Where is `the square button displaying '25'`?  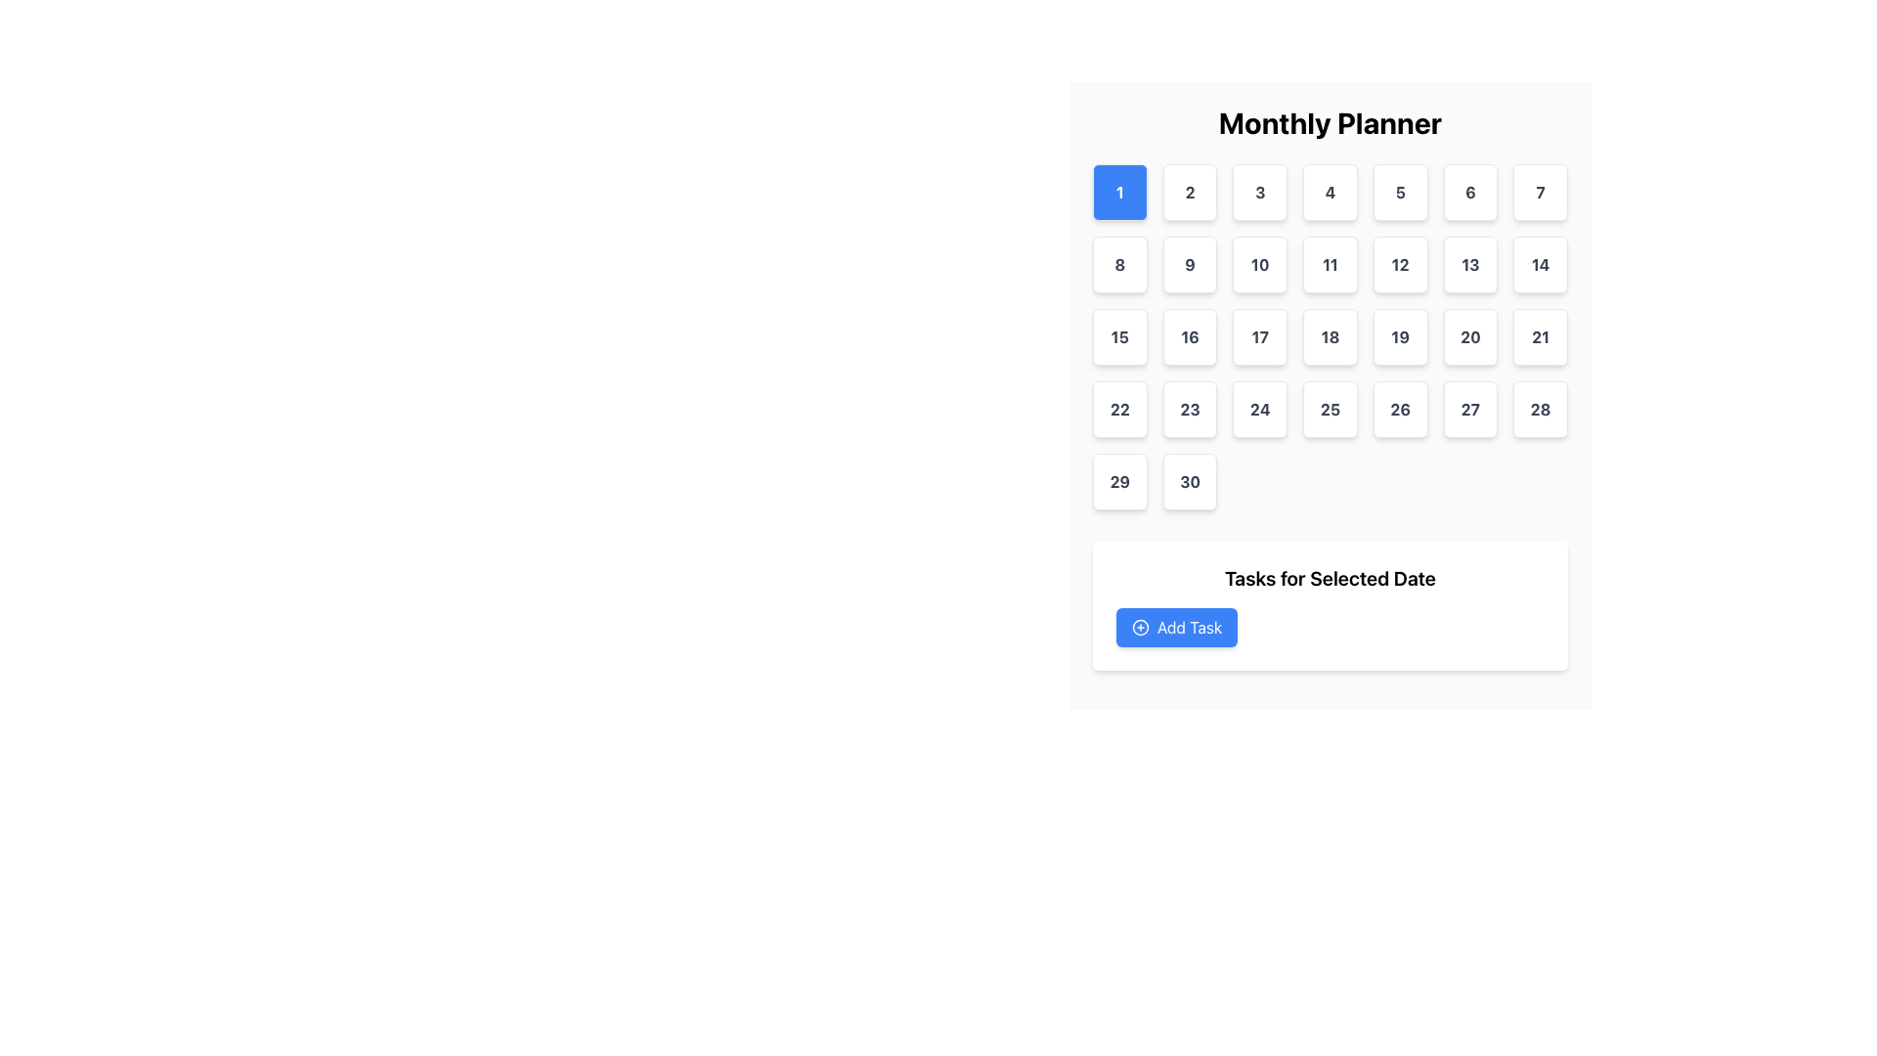 the square button displaying '25' is located at coordinates (1330, 409).